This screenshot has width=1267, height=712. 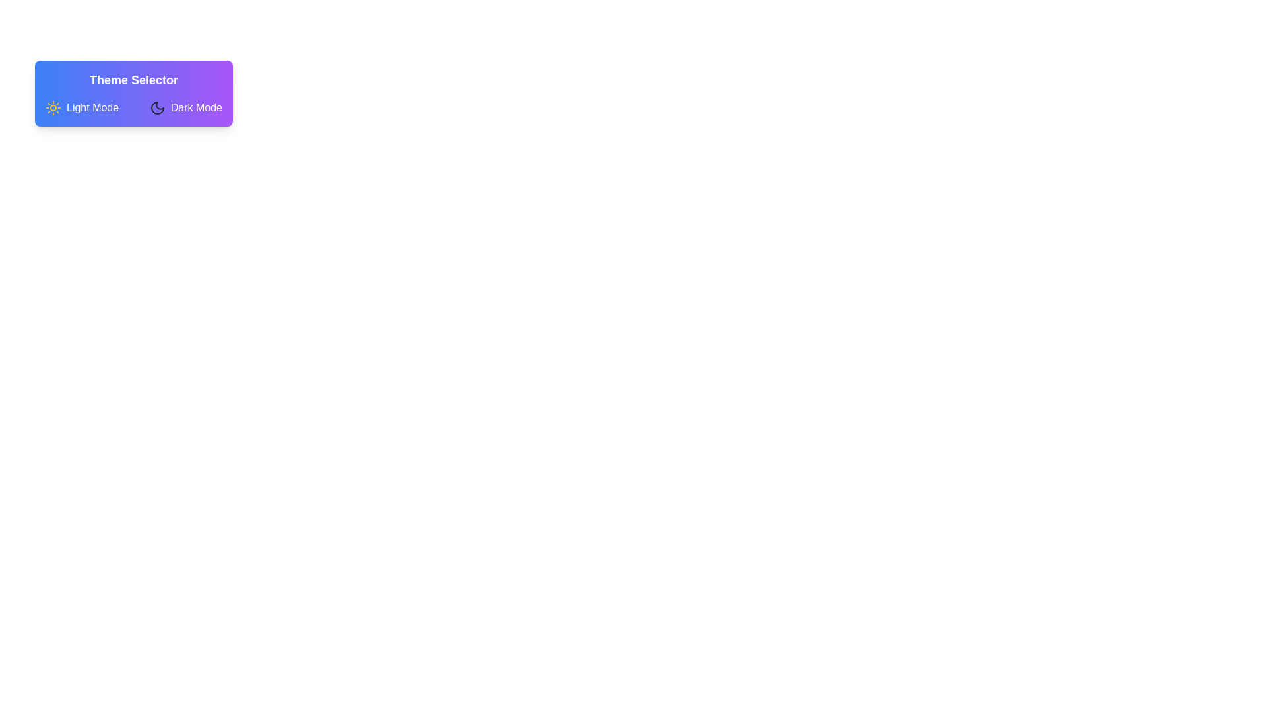 What do you see at coordinates (157, 107) in the screenshot?
I see `the moon-shaped dark mode icon located within the Theme Selector group to toggle its associated functionality` at bounding box center [157, 107].